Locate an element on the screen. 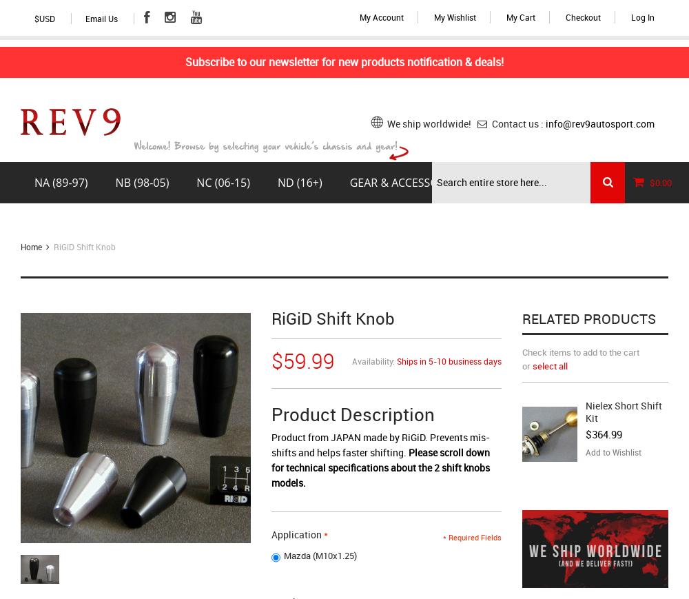  'ND (16+)' is located at coordinates (299, 181).